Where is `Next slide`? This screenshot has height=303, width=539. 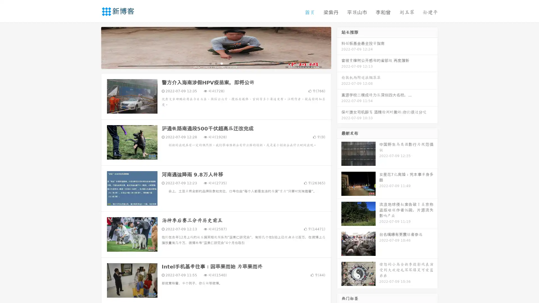
Next slide is located at coordinates (339, 47).